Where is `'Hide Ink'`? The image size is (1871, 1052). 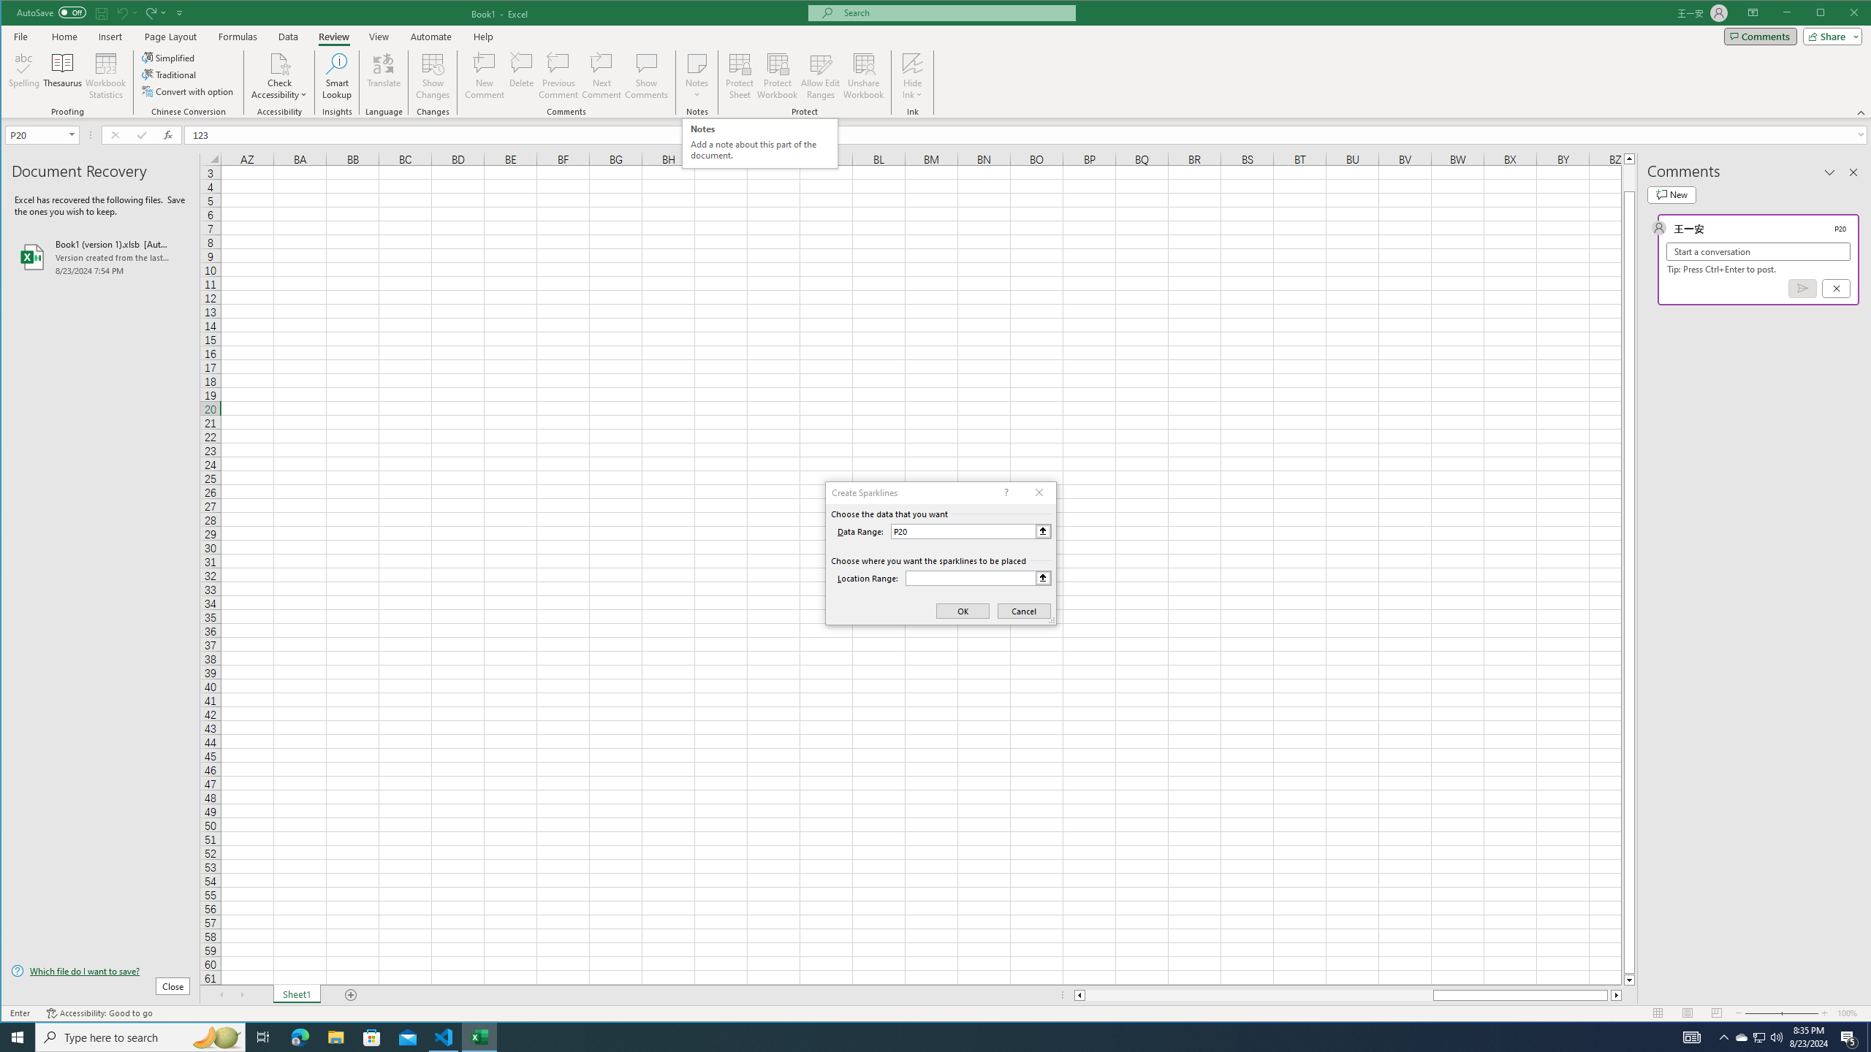
'Hide Ink' is located at coordinates (912, 75).